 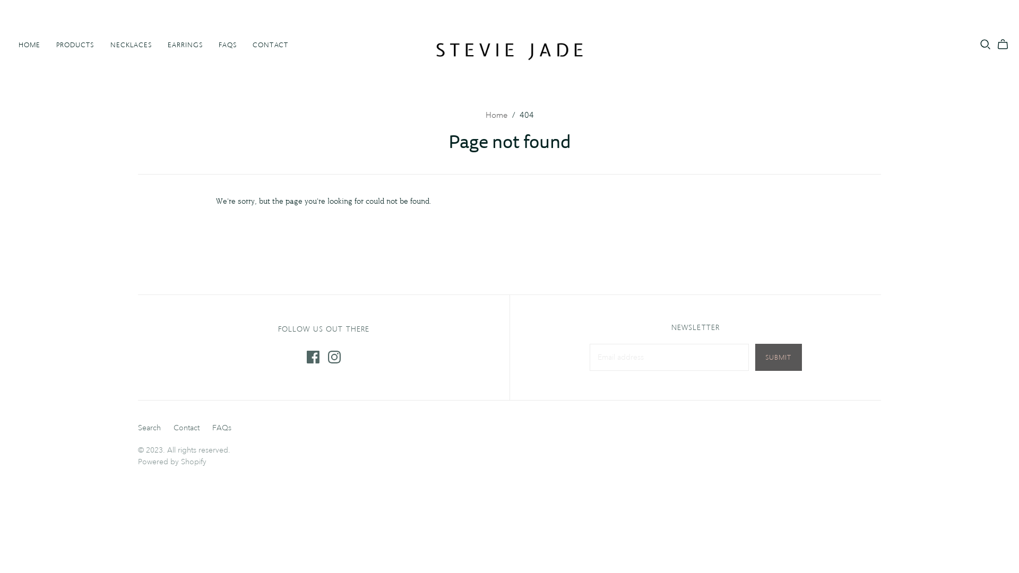 What do you see at coordinates (778, 357) in the screenshot?
I see `'Submit'` at bounding box center [778, 357].